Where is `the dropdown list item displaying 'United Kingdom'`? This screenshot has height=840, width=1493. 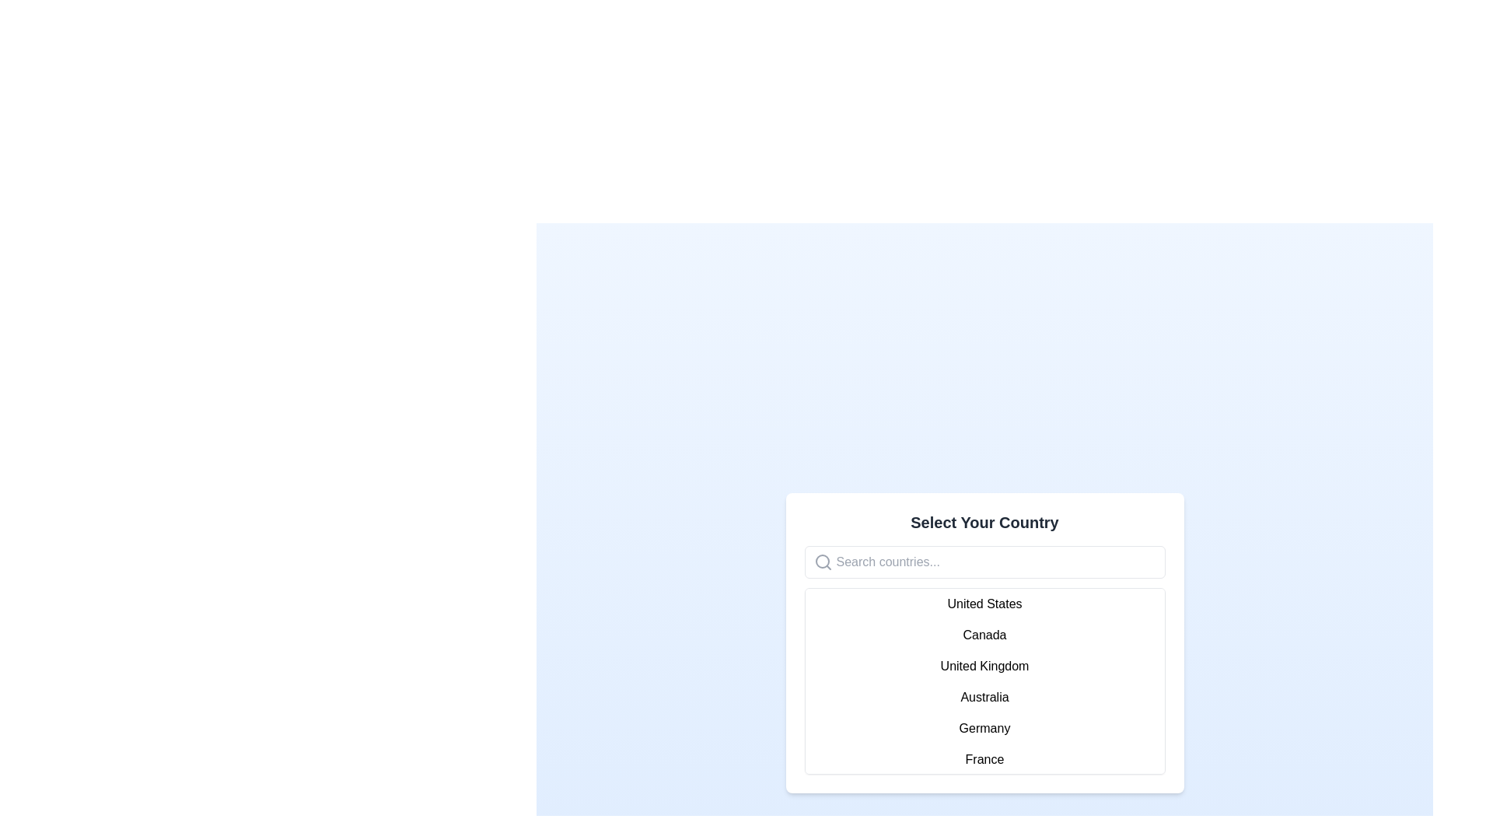 the dropdown list item displaying 'United Kingdom' is located at coordinates (984, 665).